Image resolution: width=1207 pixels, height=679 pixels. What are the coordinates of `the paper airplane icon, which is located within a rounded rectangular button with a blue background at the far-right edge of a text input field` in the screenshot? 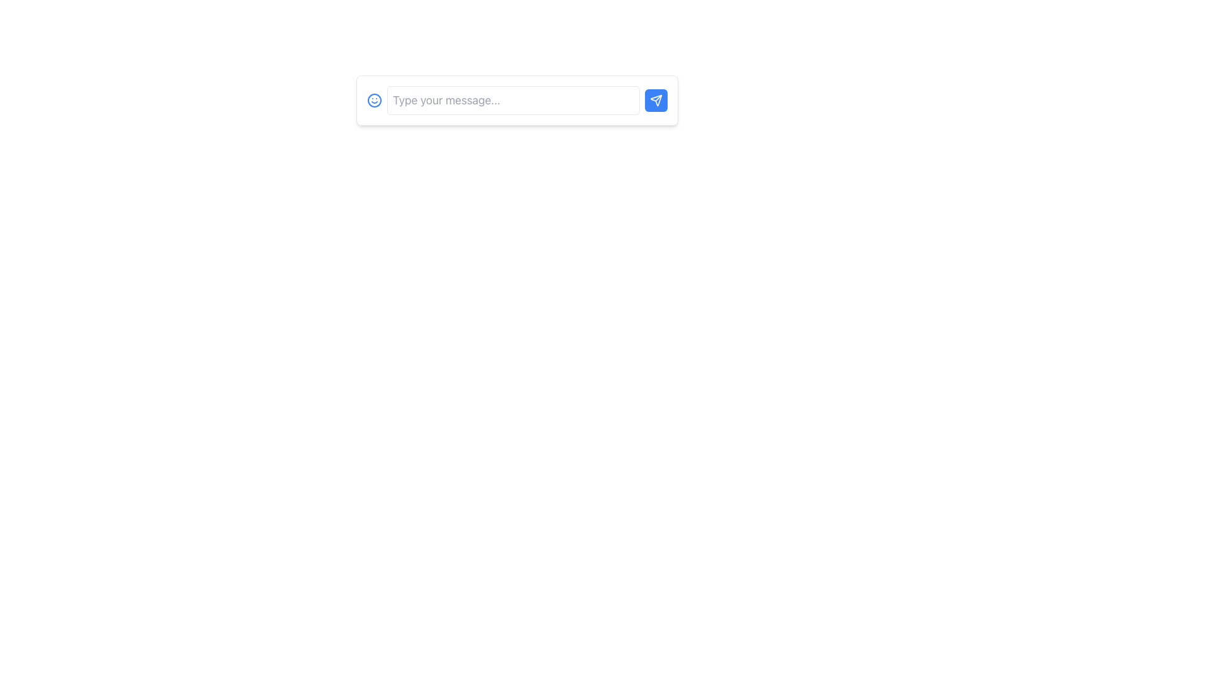 It's located at (655, 99).